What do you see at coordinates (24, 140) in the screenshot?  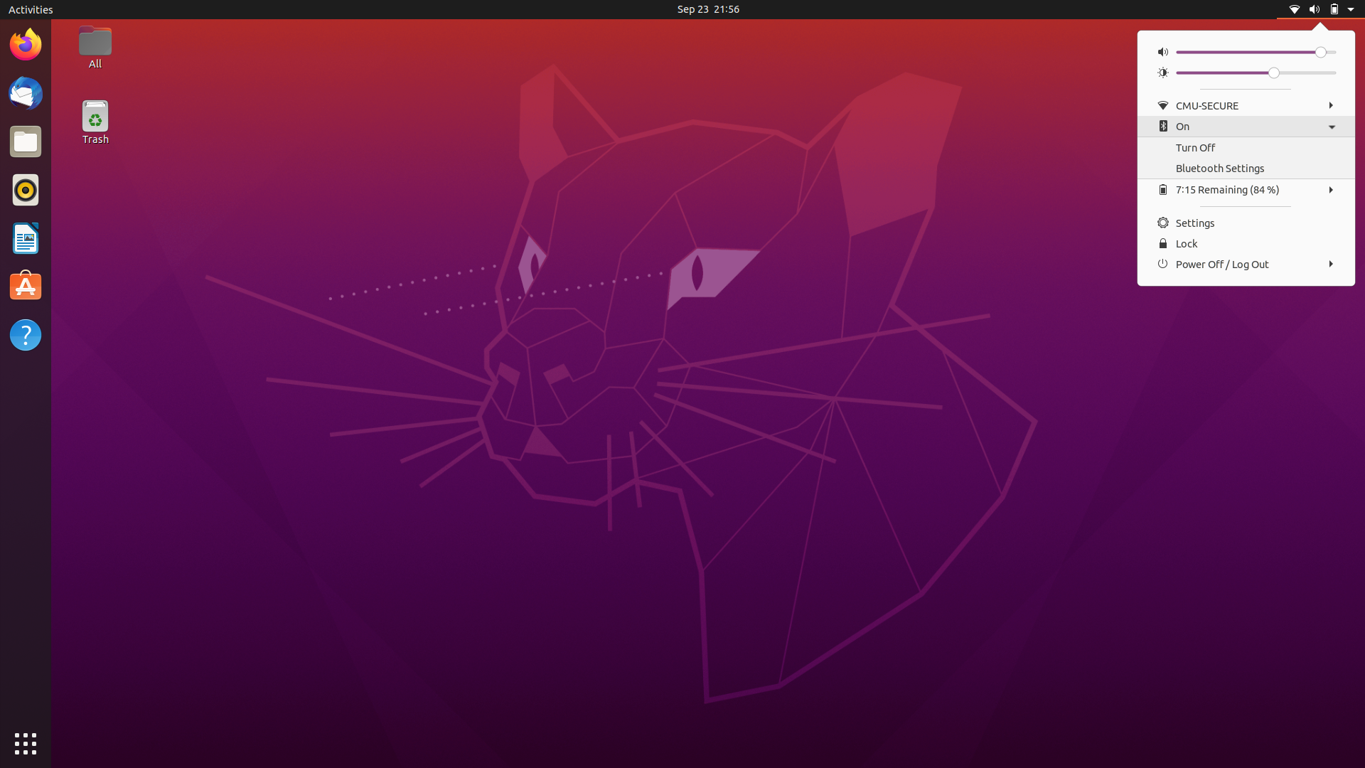 I see `the "Files" Section` at bounding box center [24, 140].